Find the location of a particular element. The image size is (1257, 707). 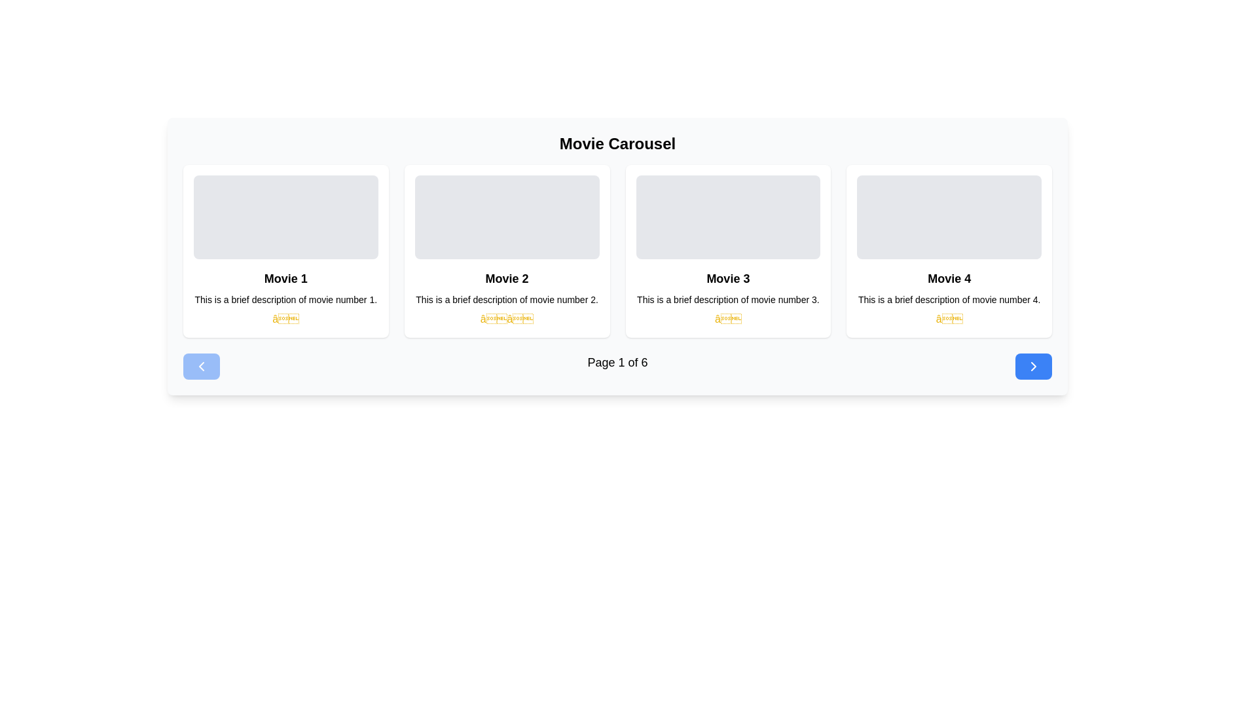

the details of the informational card presenting information about 'Movie 4', which is located in the last column of the first row of a grid layout is located at coordinates (949, 251).